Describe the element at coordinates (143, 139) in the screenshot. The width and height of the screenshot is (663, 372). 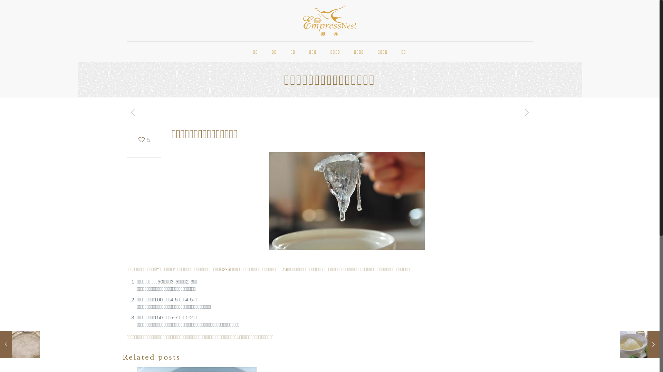
I see `'5'` at that location.